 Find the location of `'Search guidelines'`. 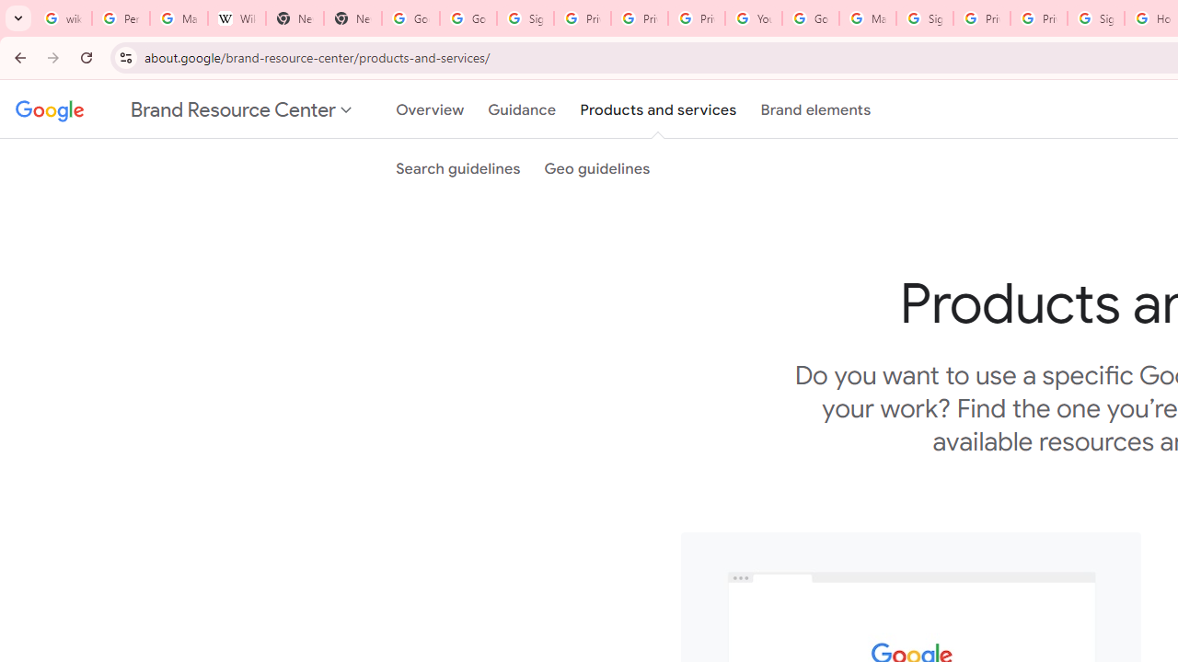

'Search guidelines' is located at coordinates (457, 168).